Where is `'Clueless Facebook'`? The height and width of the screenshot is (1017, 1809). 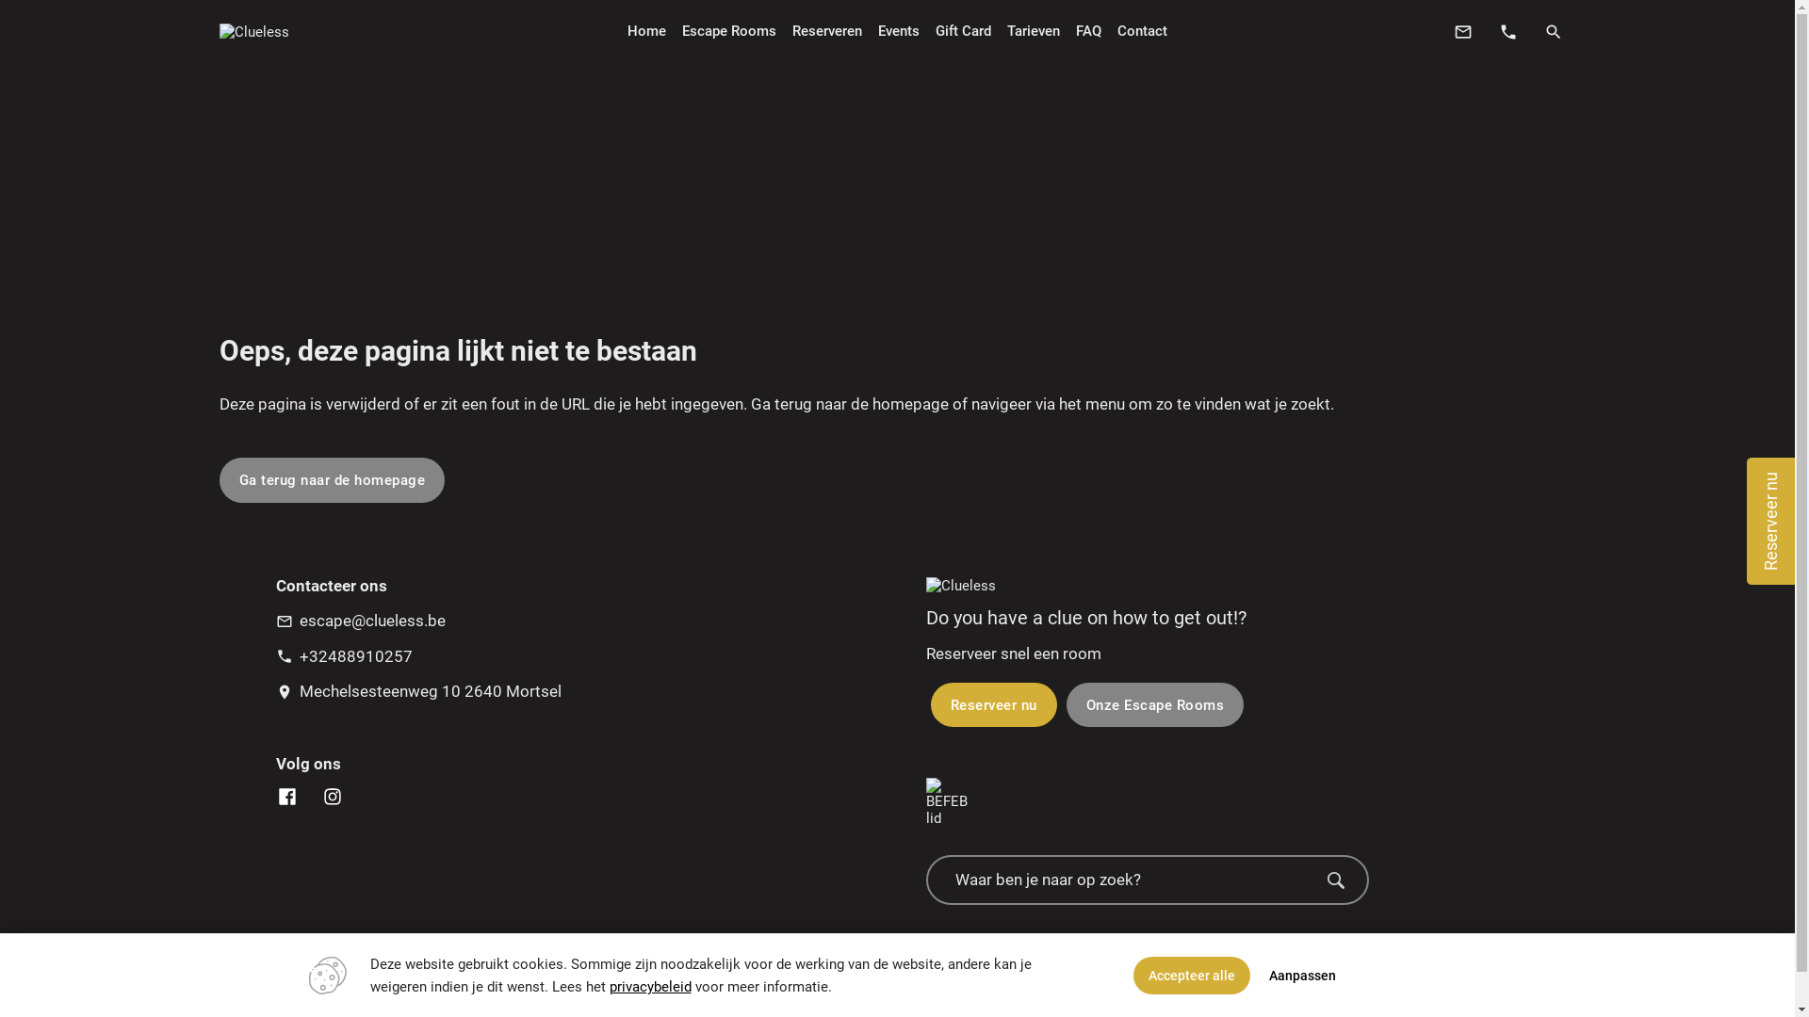 'Clueless Facebook' is located at coordinates (291, 796).